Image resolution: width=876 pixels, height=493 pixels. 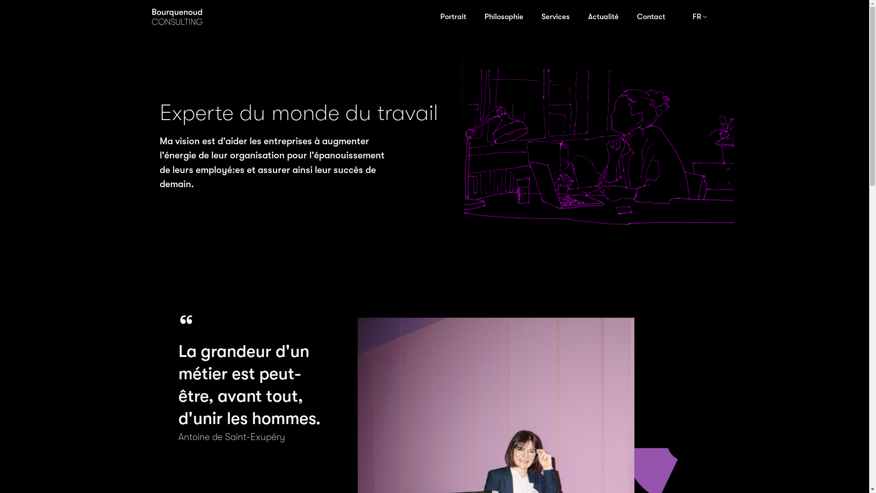 What do you see at coordinates (532, 16) in the screenshot?
I see `'Services'` at bounding box center [532, 16].